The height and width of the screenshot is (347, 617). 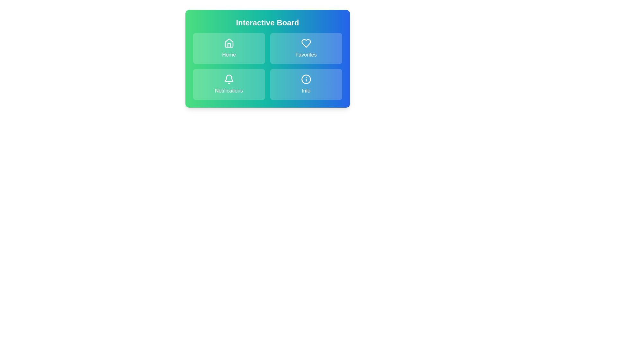 What do you see at coordinates (306, 54) in the screenshot?
I see `the 'Favorites' text label located in the second section on the top row of the grid layout, which is situated below a heart-themed icon` at bounding box center [306, 54].